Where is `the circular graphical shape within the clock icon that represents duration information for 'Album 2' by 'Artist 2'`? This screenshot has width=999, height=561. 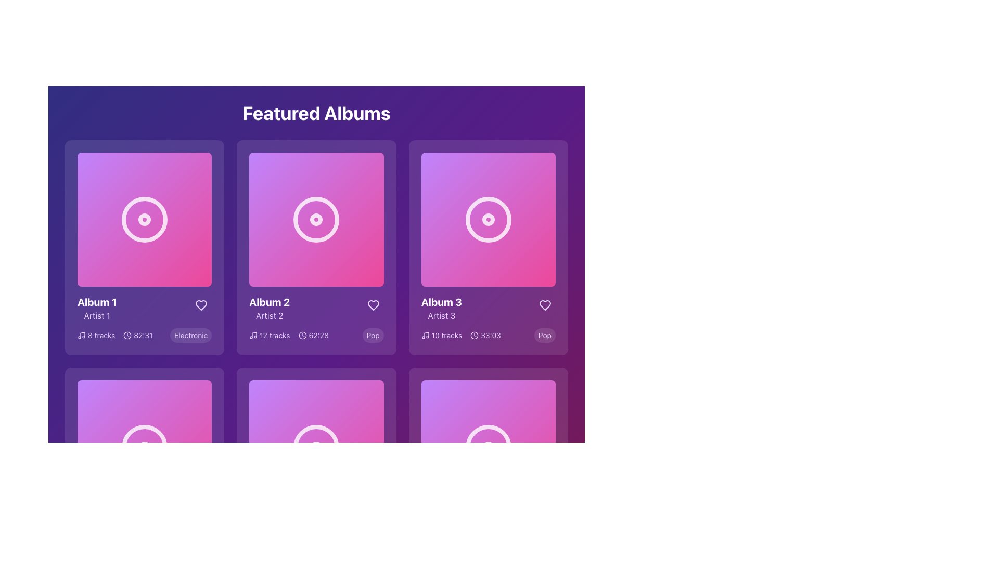 the circular graphical shape within the clock icon that represents duration information for 'Album 2' by 'Artist 2' is located at coordinates (302, 336).